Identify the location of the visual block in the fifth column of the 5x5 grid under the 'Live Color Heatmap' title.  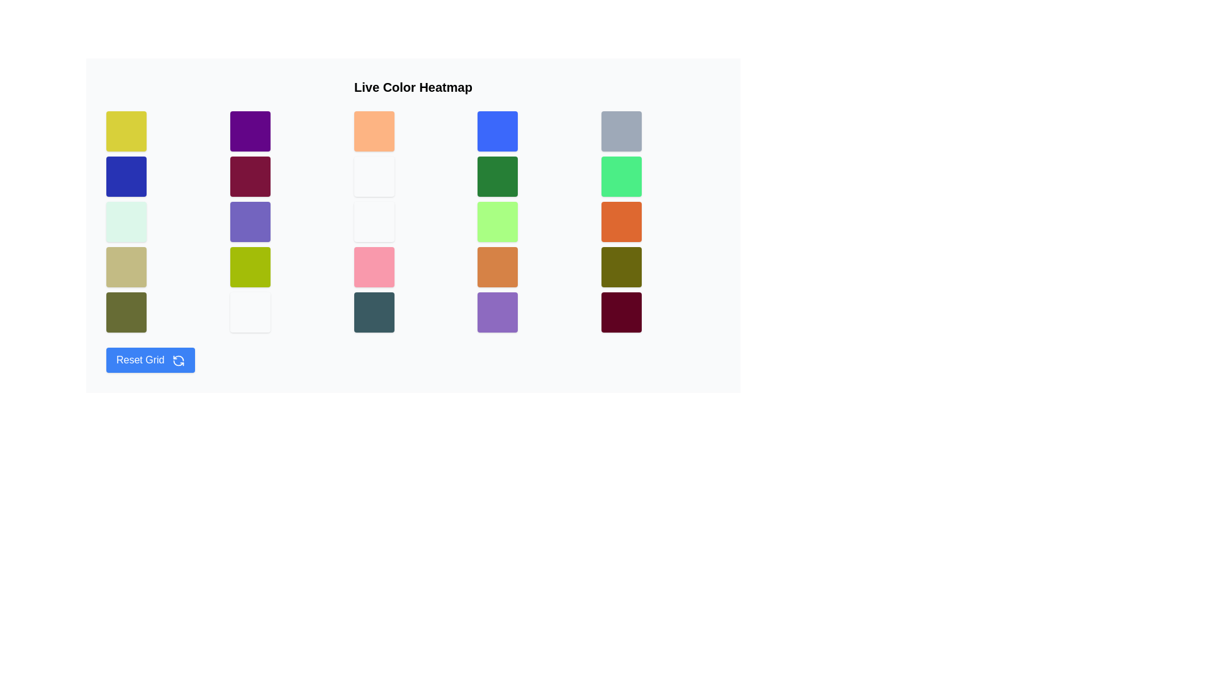
(622, 266).